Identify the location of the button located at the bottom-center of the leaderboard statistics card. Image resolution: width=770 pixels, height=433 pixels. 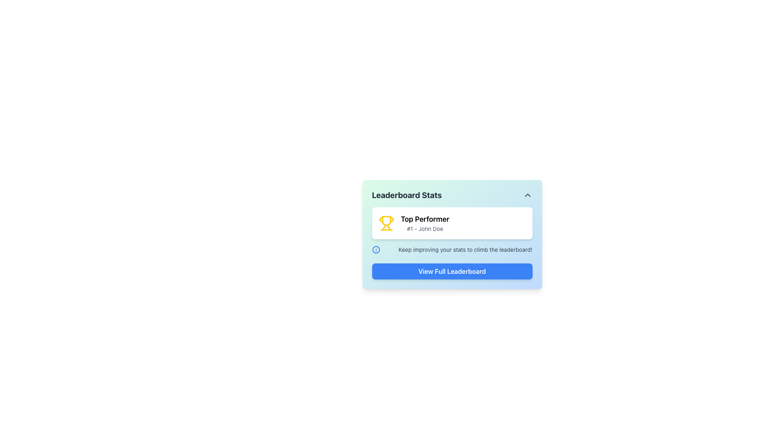
(452, 271).